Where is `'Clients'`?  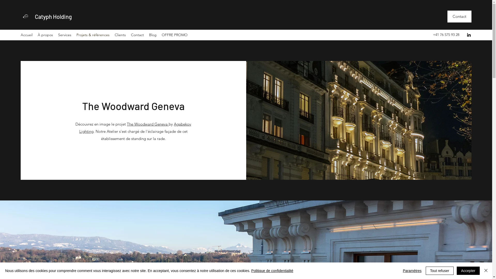
'Clients' is located at coordinates (120, 35).